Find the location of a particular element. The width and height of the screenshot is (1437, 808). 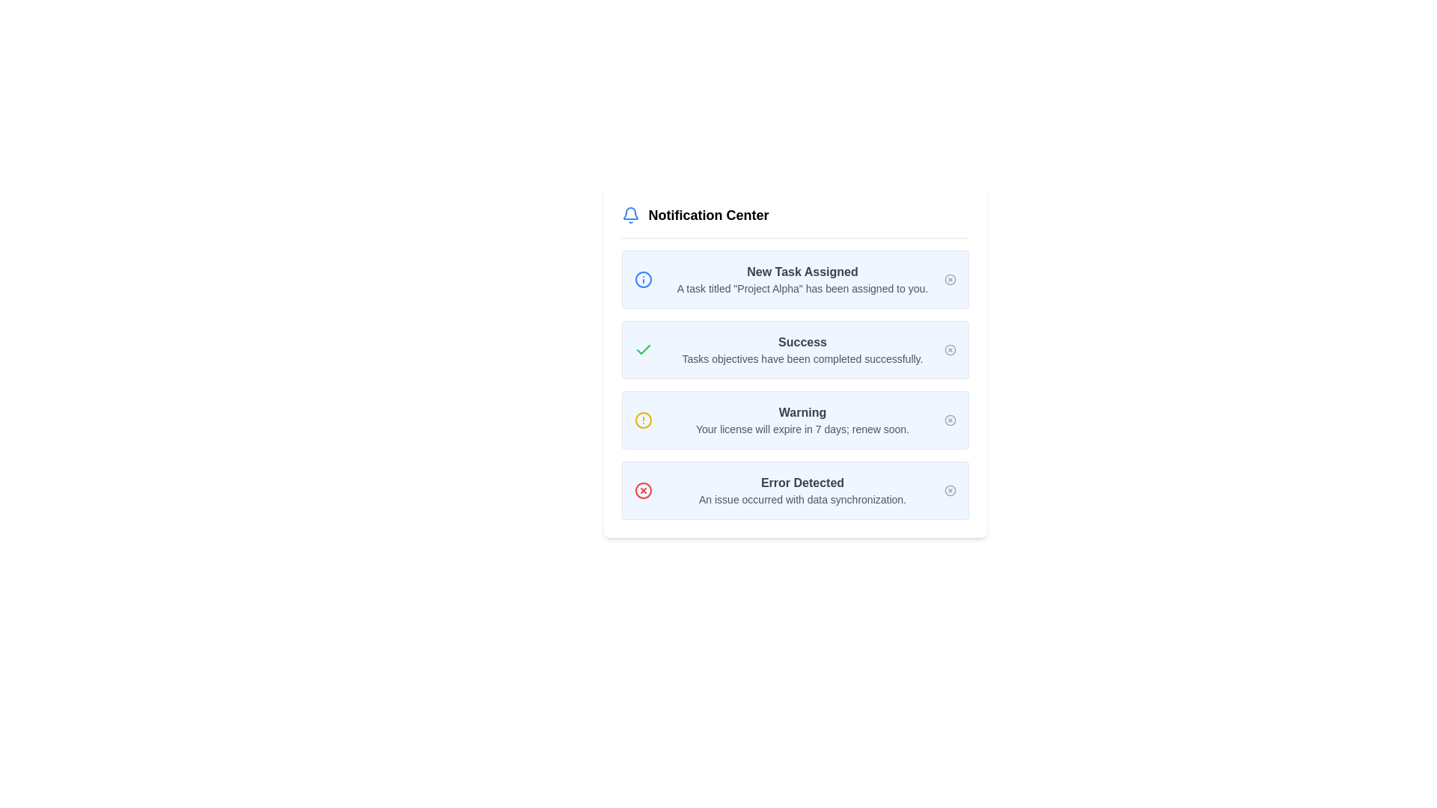

the Vector graphic icon indicating a successful action within the 'Success' notification in the second row of the notification list is located at coordinates (643, 349).